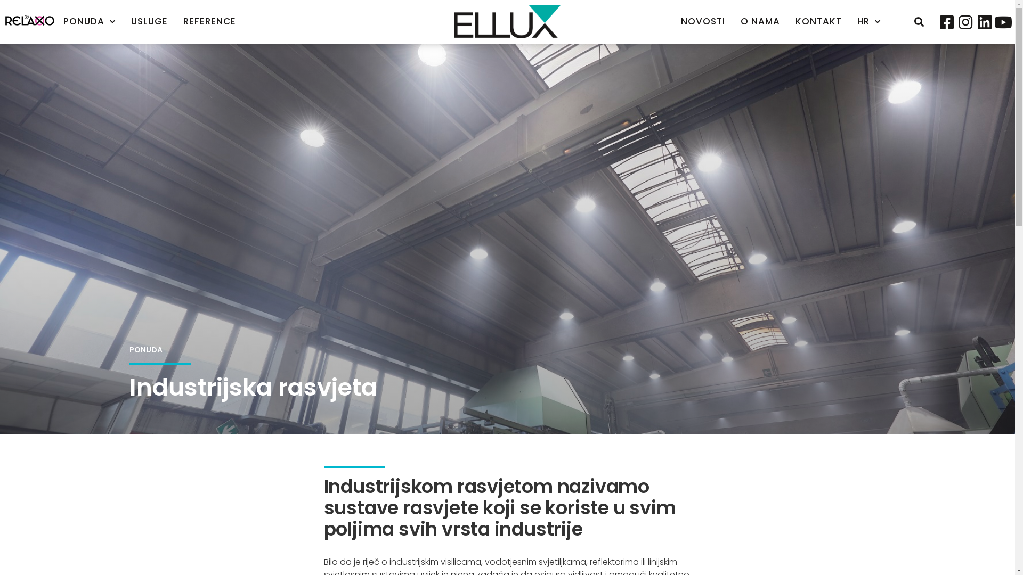  Describe the element at coordinates (209, 21) in the screenshot. I see `'REFERENCE'` at that location.